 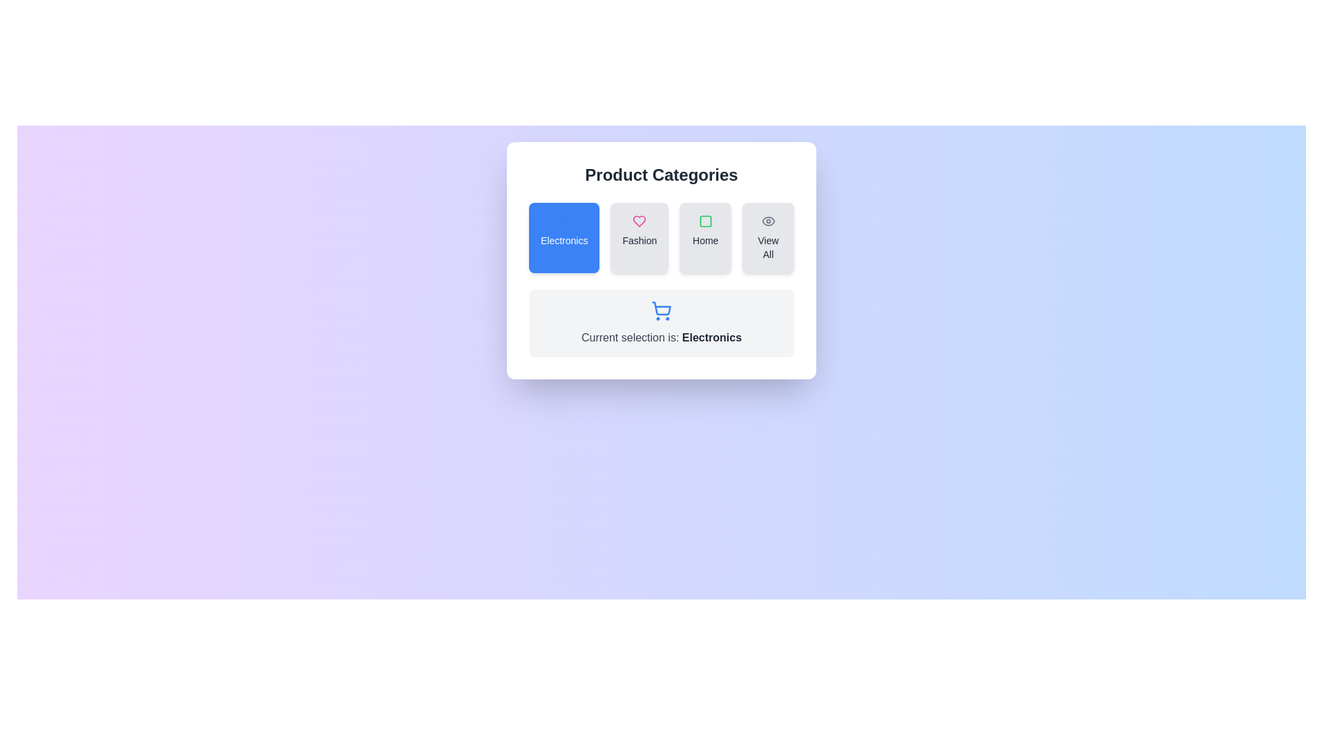 I want to click on the Informational card that displays the currently selected category, located below the category buttons in the 'Product Categories' section, so click(x=661, y=324).